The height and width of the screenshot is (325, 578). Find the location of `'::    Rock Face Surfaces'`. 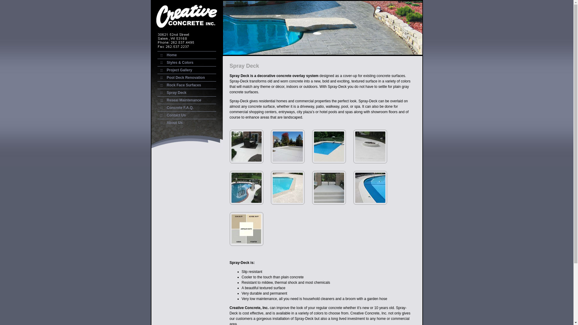

'::    Rock Face Surfaces' is located at coordinates (179, 85).